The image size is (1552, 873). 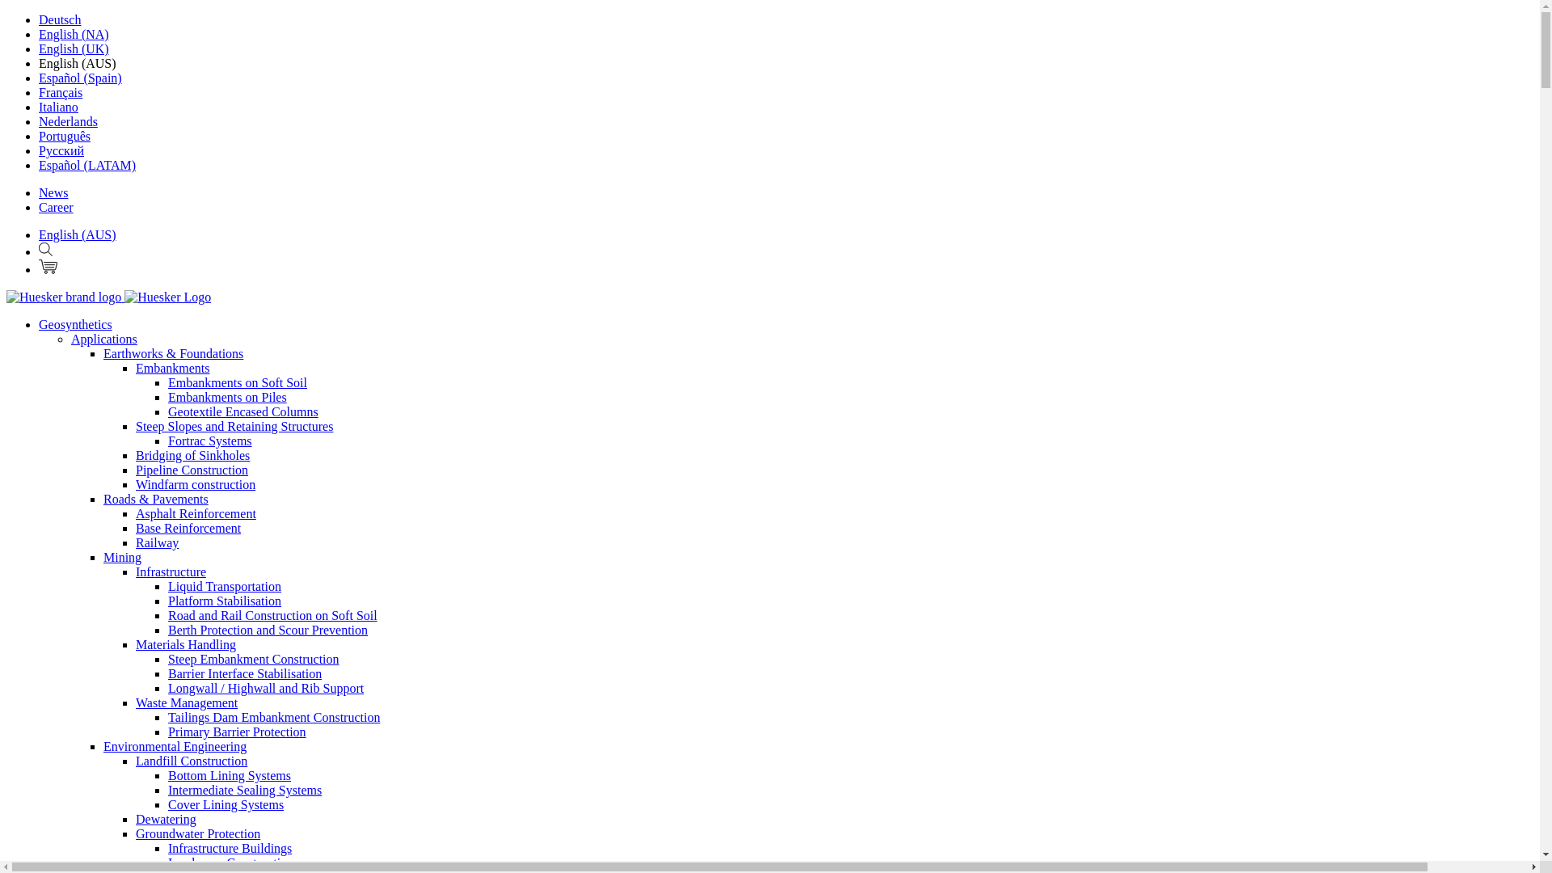 What do you see at coordinates (103, 338) in the screenshot?
I see `'Applications'` at bounding box center [103, 338].